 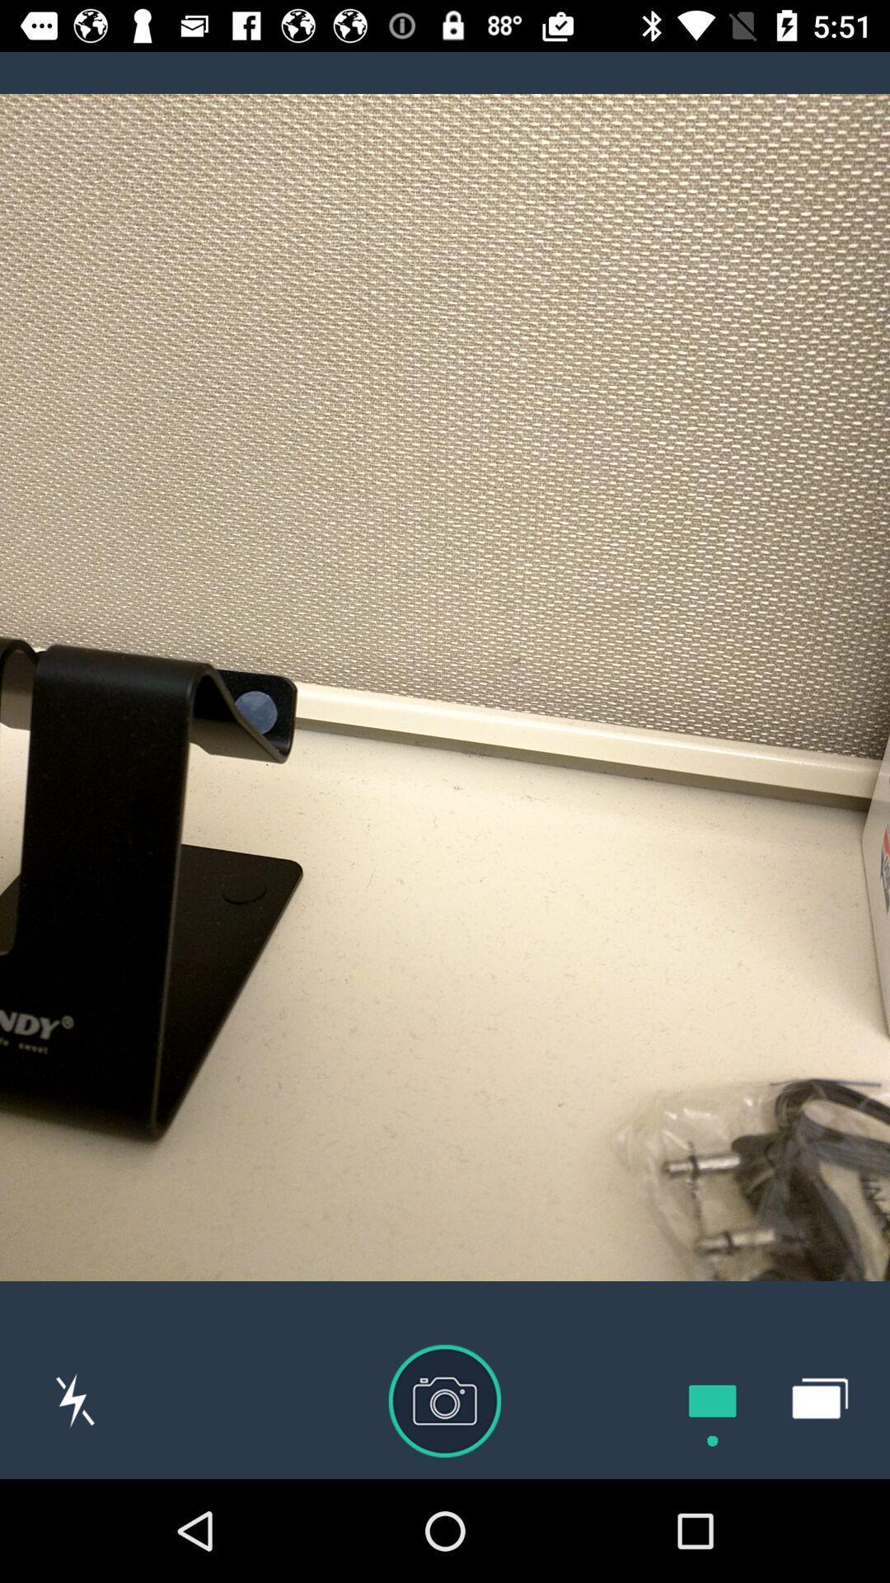 I want to click on the photo icon, so click(x=445, y=1400).